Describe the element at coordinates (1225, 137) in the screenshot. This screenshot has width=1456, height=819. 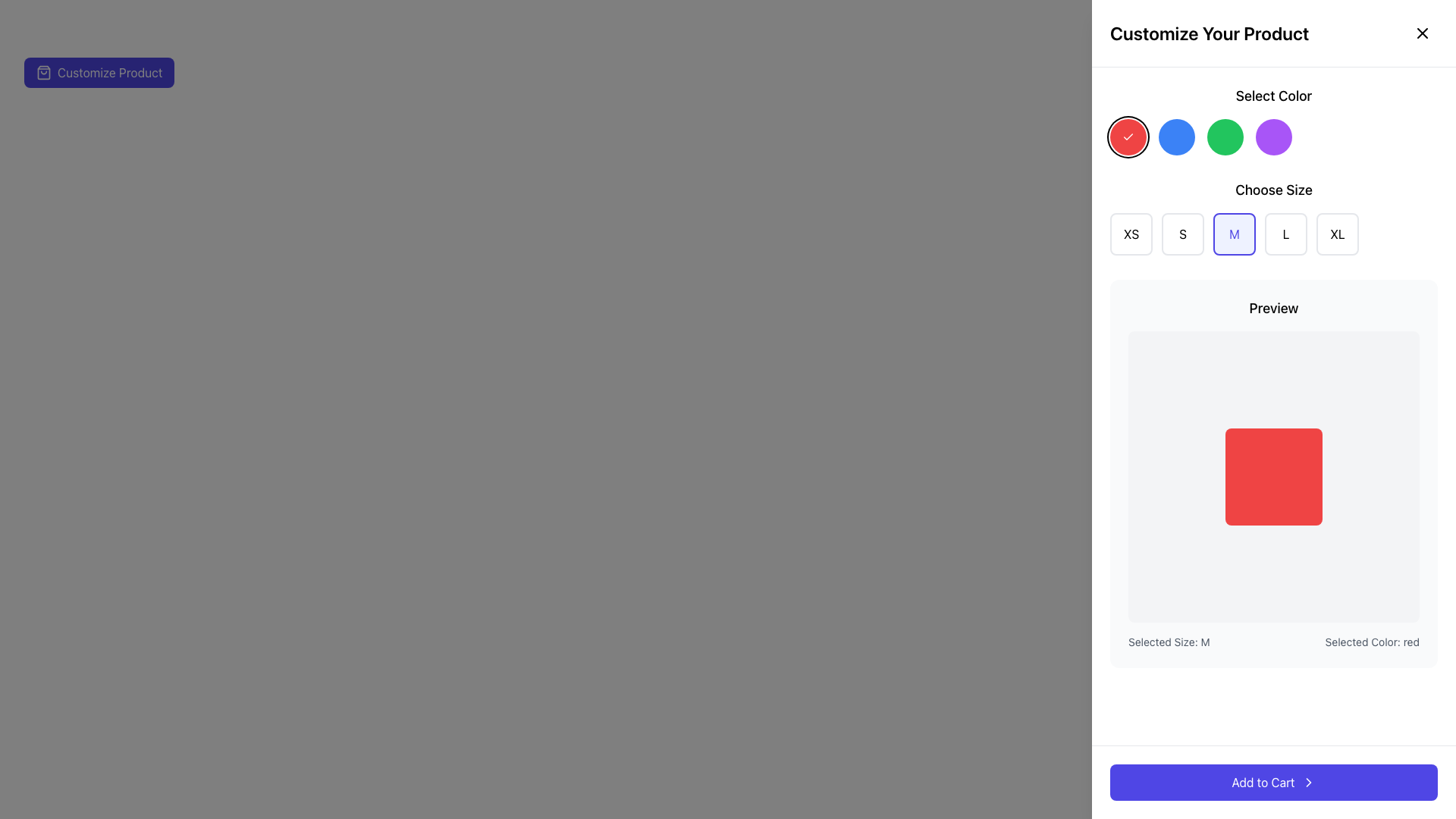
I see `the fourth circular color selection button for green in the 'Select Color' section` at that location.